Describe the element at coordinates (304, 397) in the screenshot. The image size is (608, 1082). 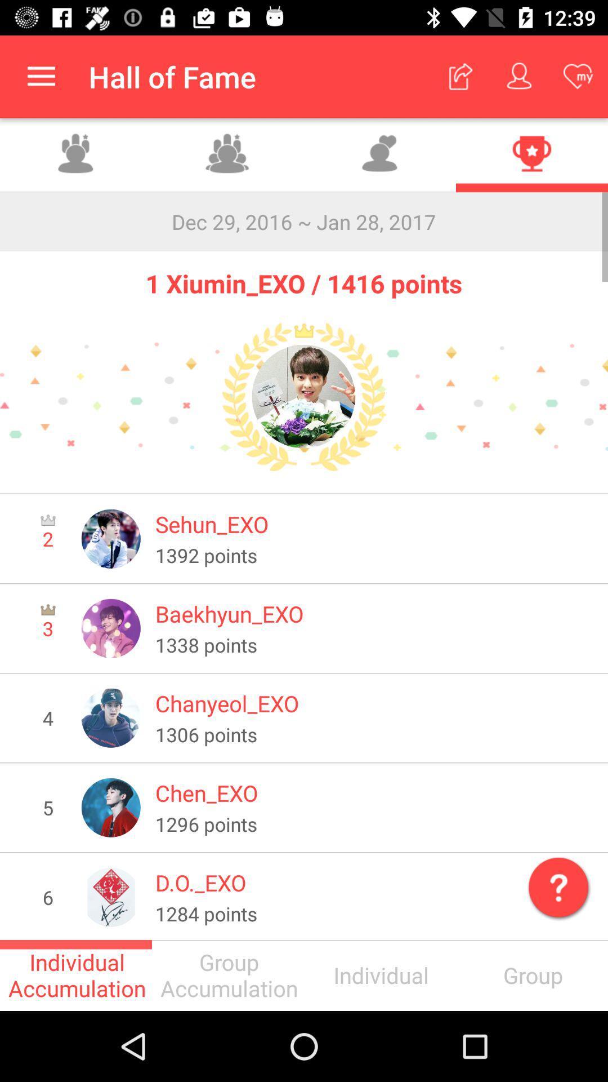
I see `1 xiuminexo` at that location.